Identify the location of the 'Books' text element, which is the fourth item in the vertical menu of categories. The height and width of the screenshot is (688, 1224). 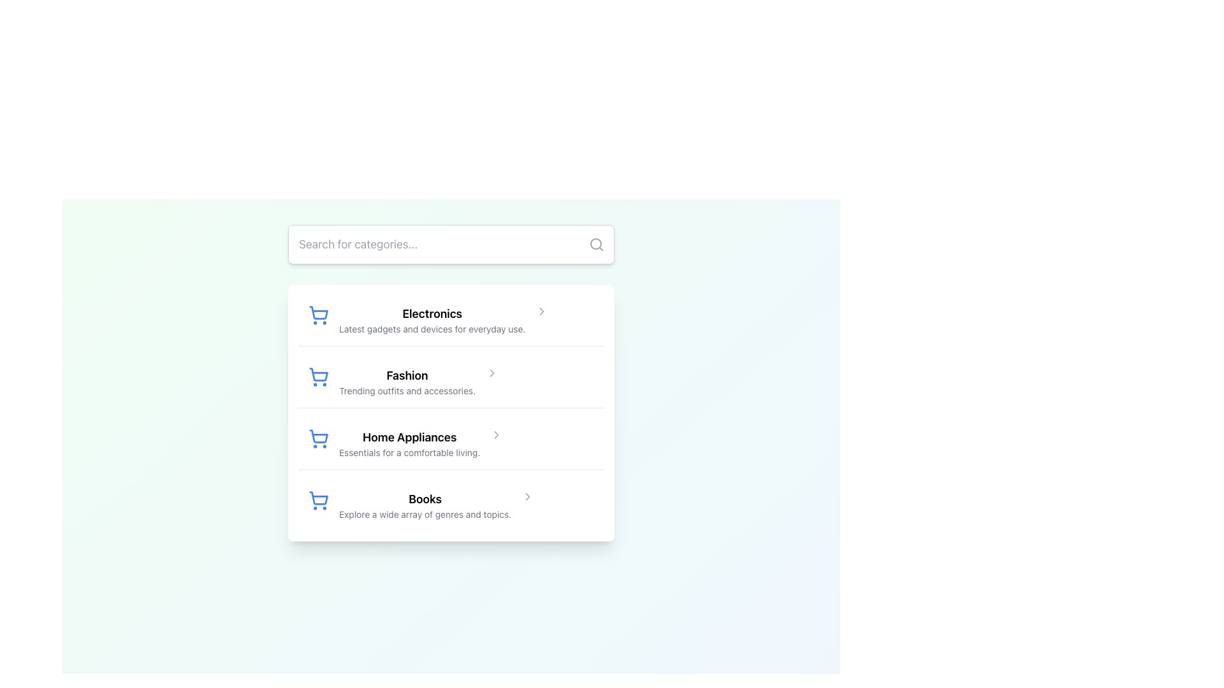
(425, 505).